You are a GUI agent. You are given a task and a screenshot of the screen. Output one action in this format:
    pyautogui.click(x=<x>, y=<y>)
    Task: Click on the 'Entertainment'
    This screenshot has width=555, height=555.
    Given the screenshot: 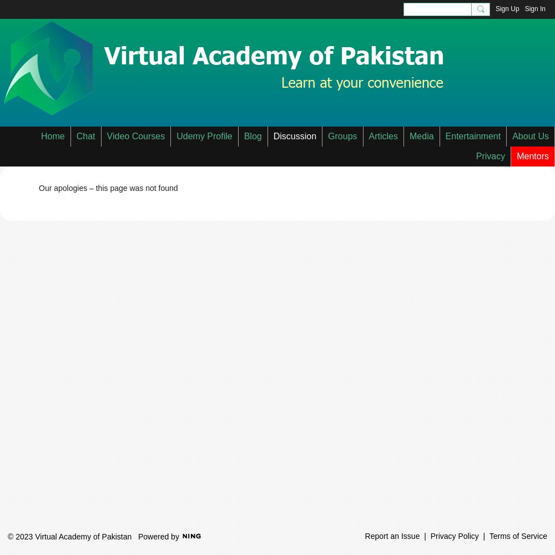 What is the action you would take?
    pyautogui.click(x=472, y=135)
    